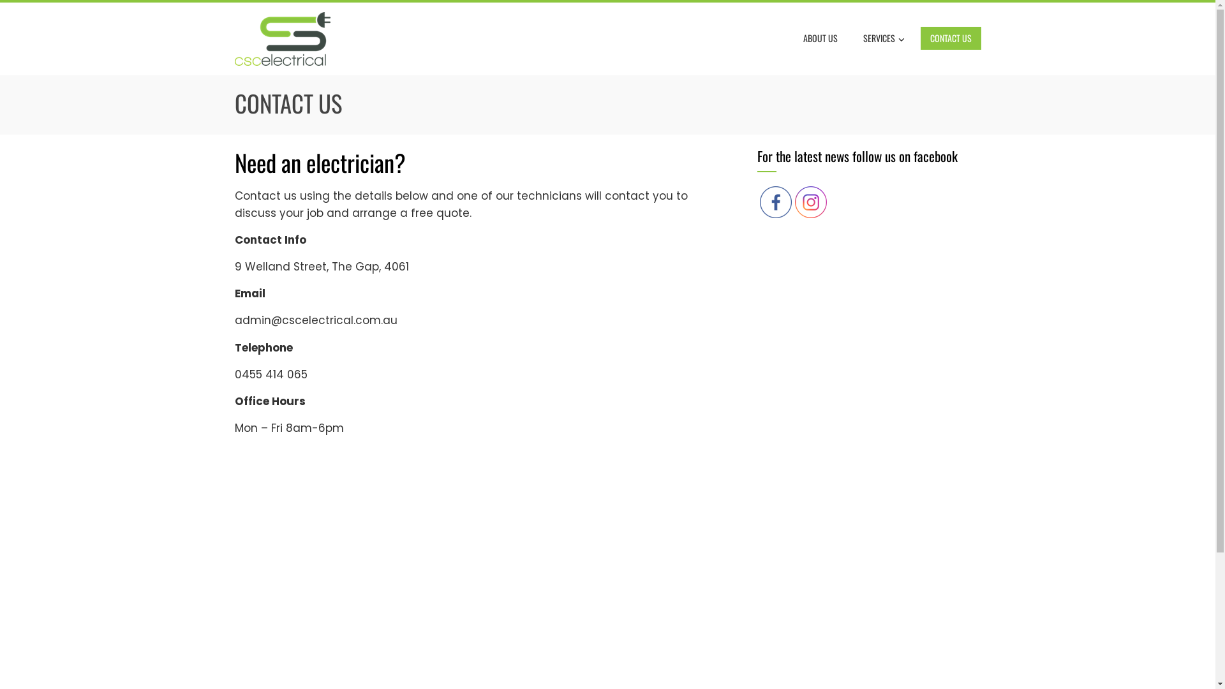  I want to click on 'Facebook', so click(774, 201).